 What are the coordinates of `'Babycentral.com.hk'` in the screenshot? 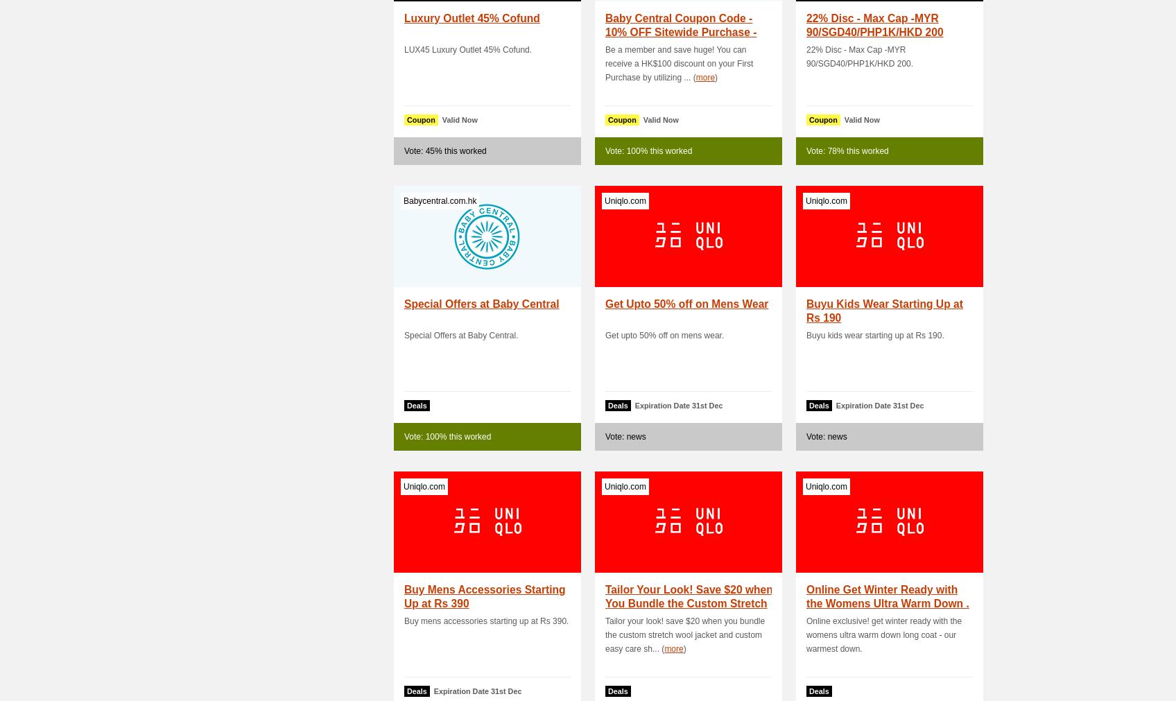 It's located at (404, 200).